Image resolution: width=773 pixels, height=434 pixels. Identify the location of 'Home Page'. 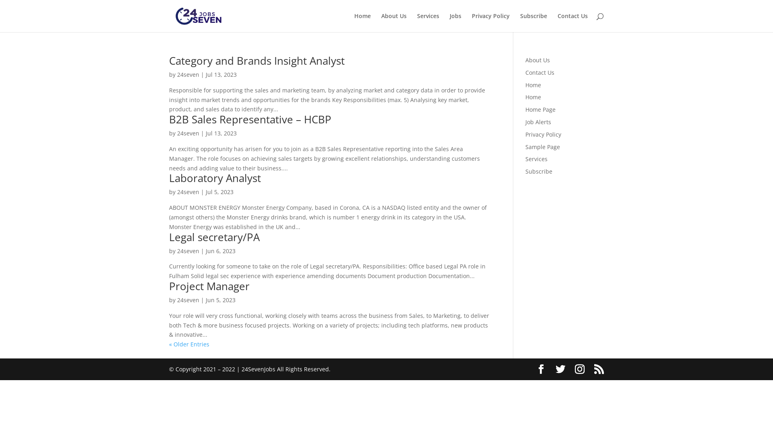
(540, 109).